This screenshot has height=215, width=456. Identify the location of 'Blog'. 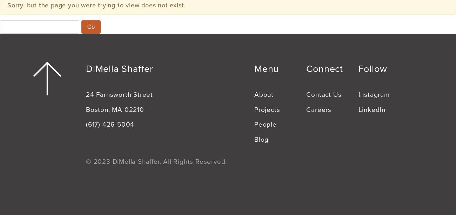
(261, 139).